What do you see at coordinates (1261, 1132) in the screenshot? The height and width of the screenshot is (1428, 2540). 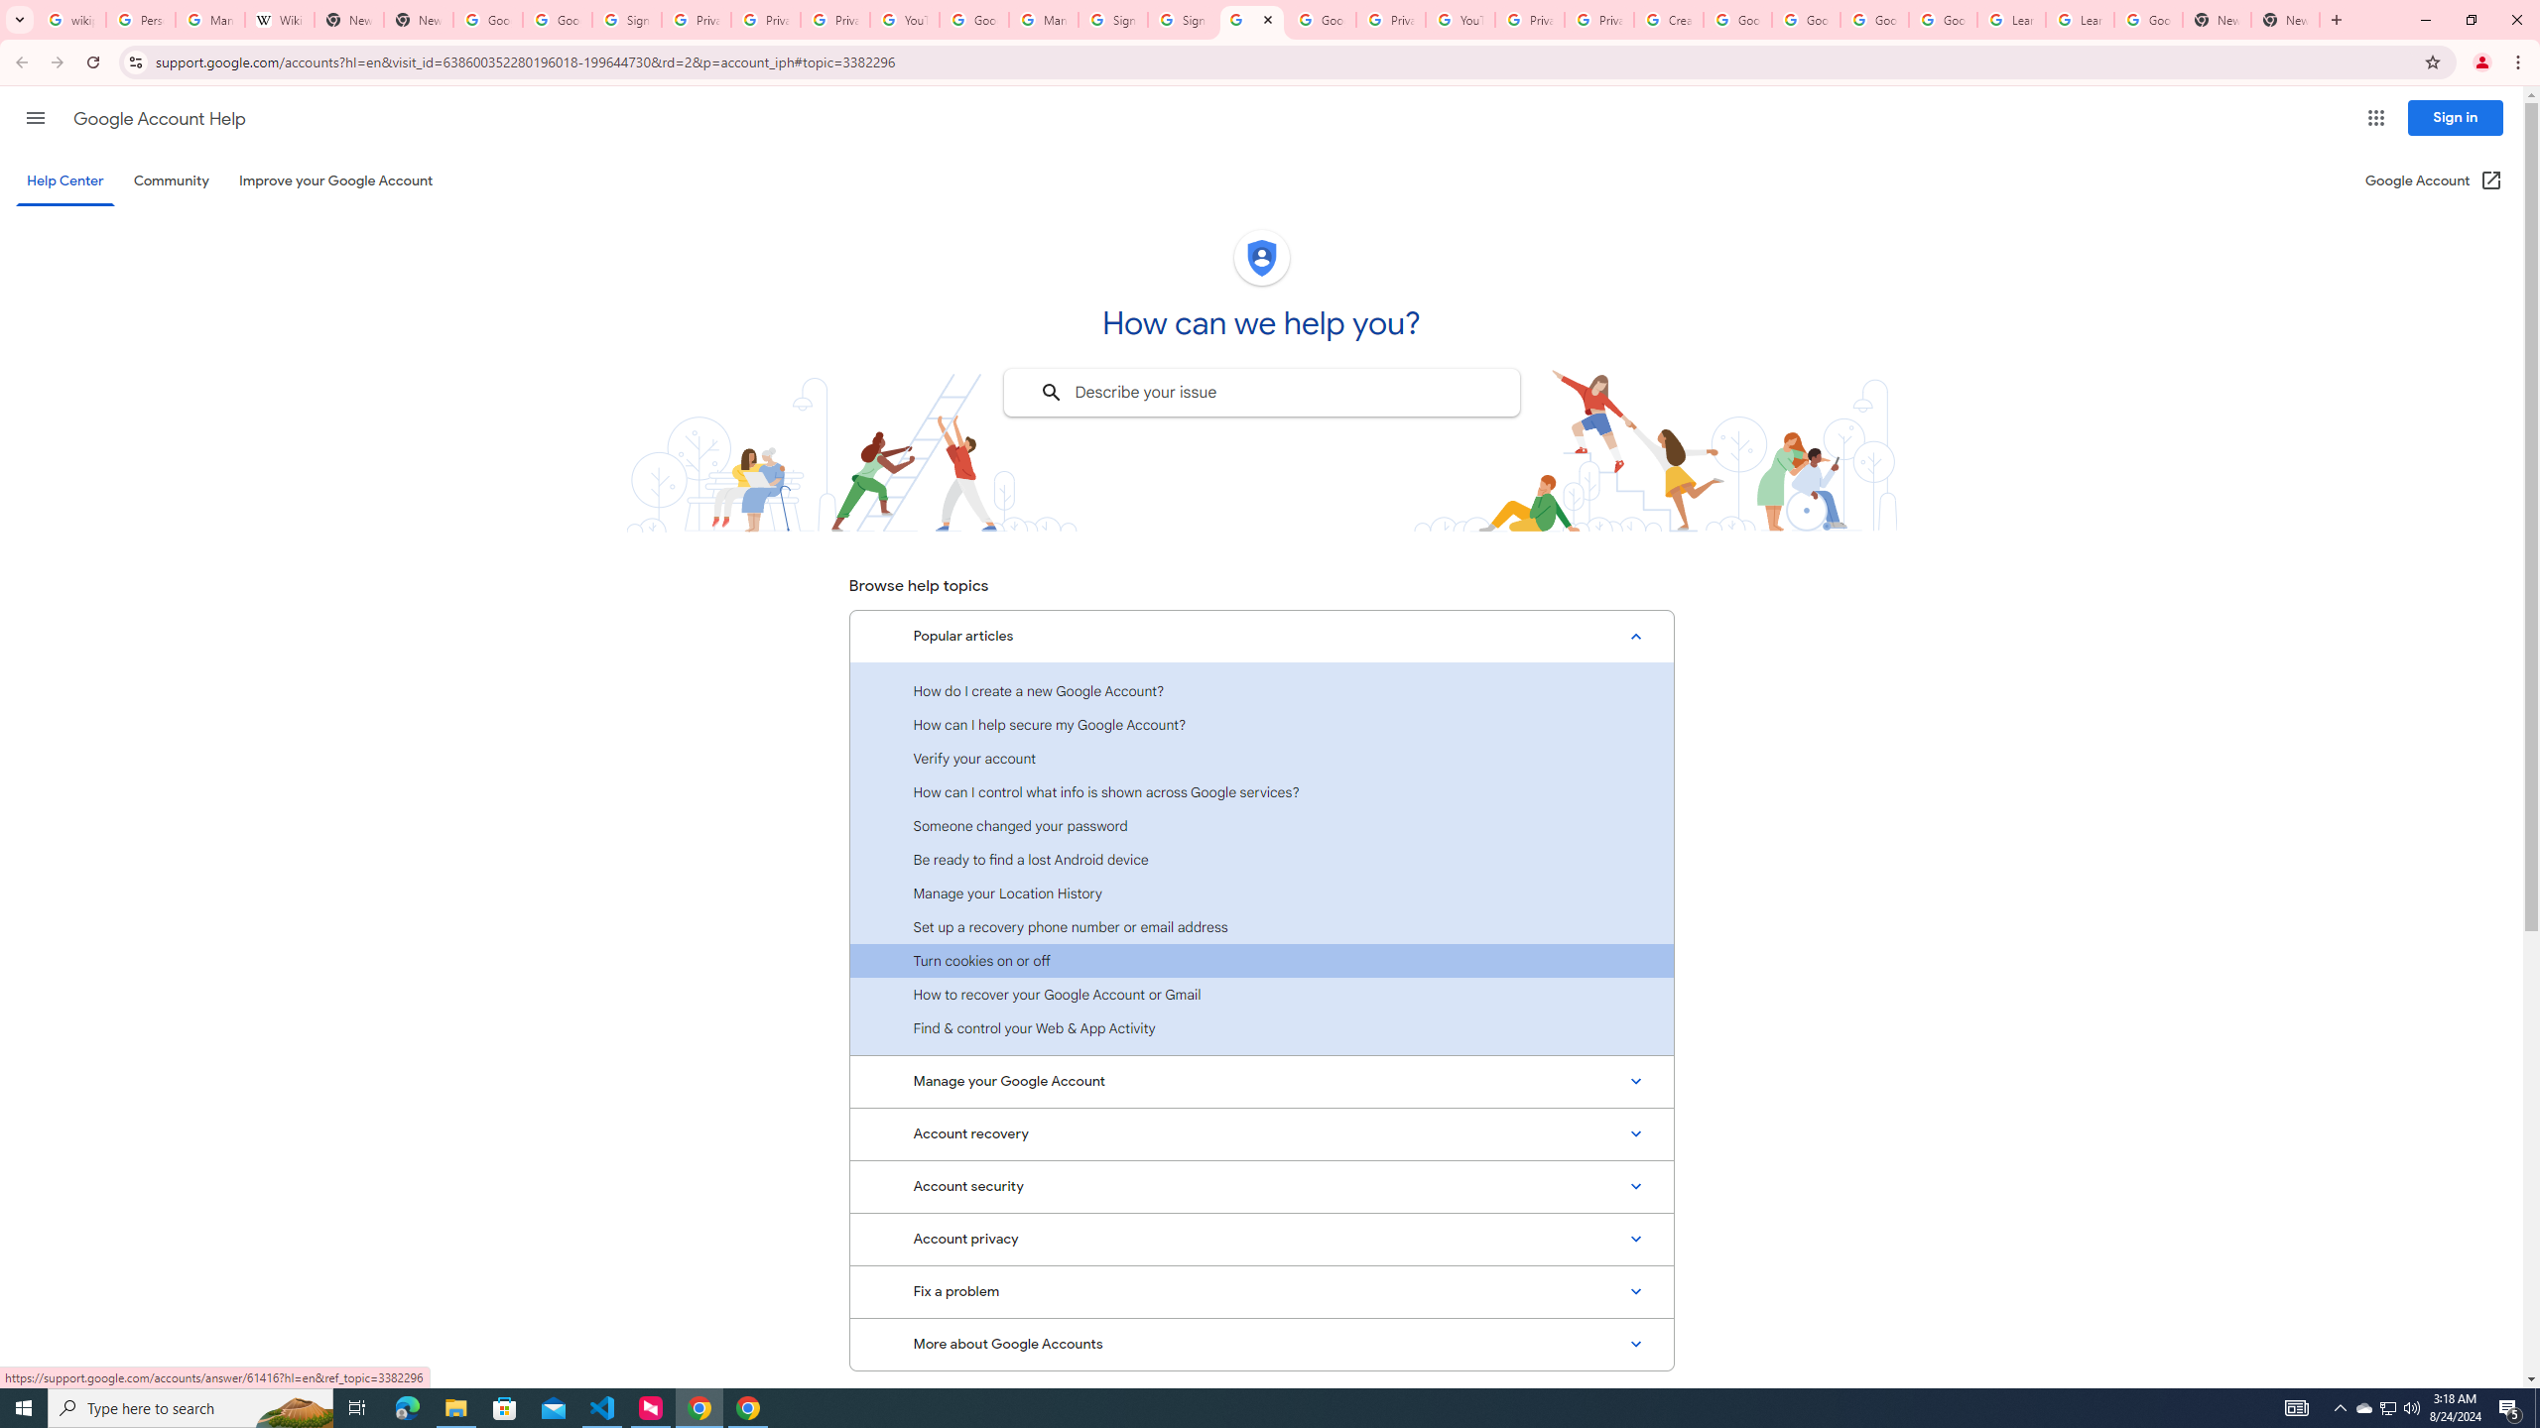 I see `'Account recovery'` at bounding box center [1261, 1132].